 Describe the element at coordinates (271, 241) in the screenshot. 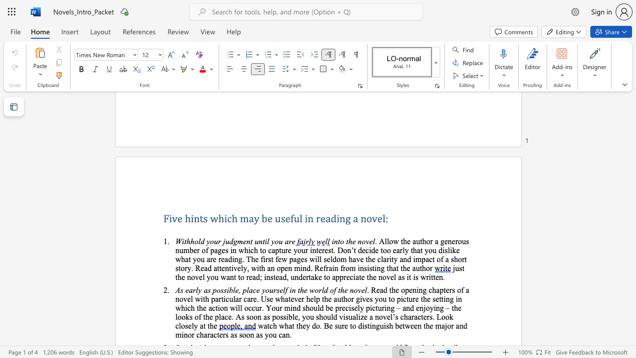

I see `the subset text "you a" within the text "Withhold your judgment until you are"` at that location.